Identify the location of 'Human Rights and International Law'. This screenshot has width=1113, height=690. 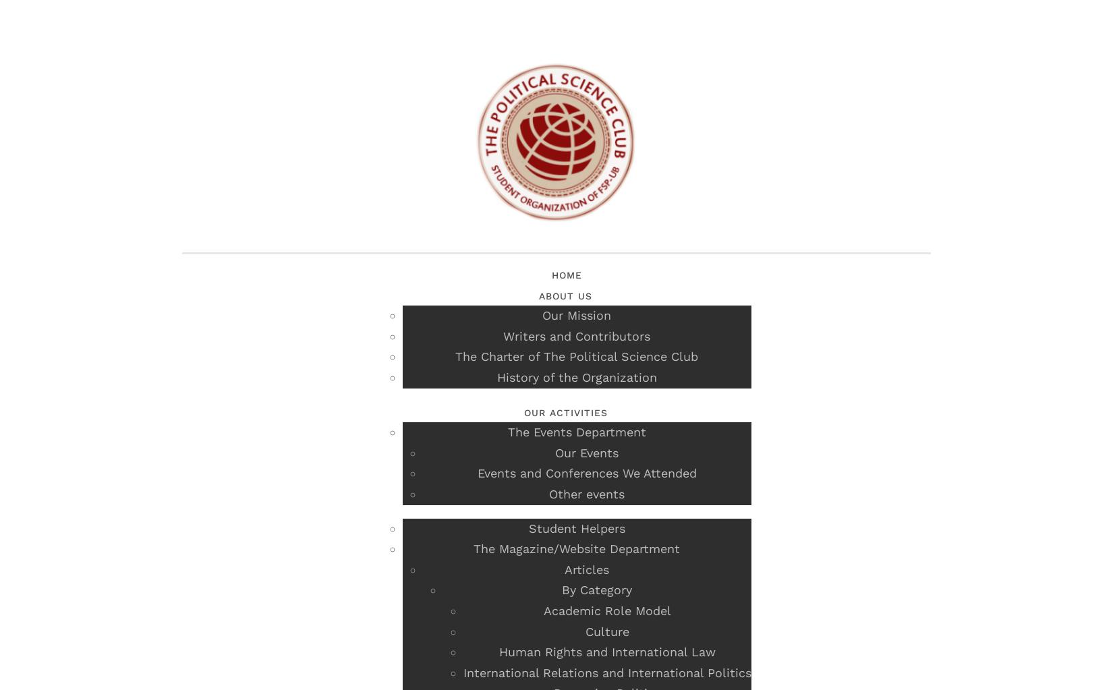
(606, 652).